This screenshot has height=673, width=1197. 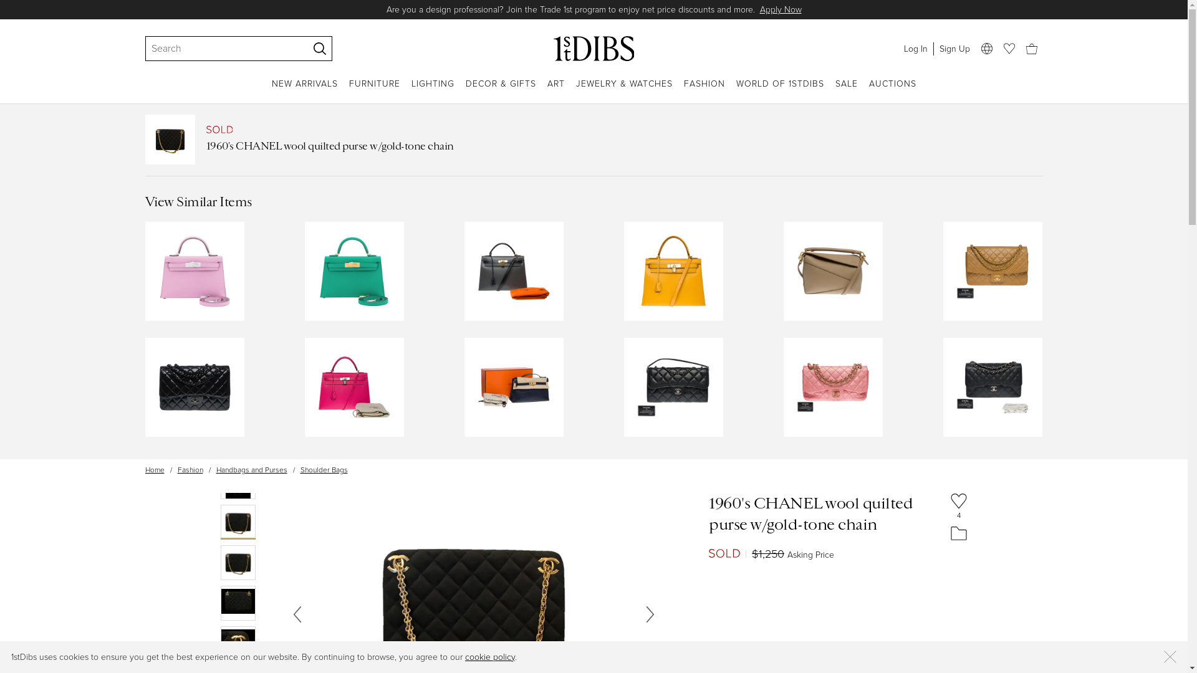 What do you see at coordinates (411, 90) in the screenshot?
I see `'LIGHTING'` at bounding box center [411, 90].